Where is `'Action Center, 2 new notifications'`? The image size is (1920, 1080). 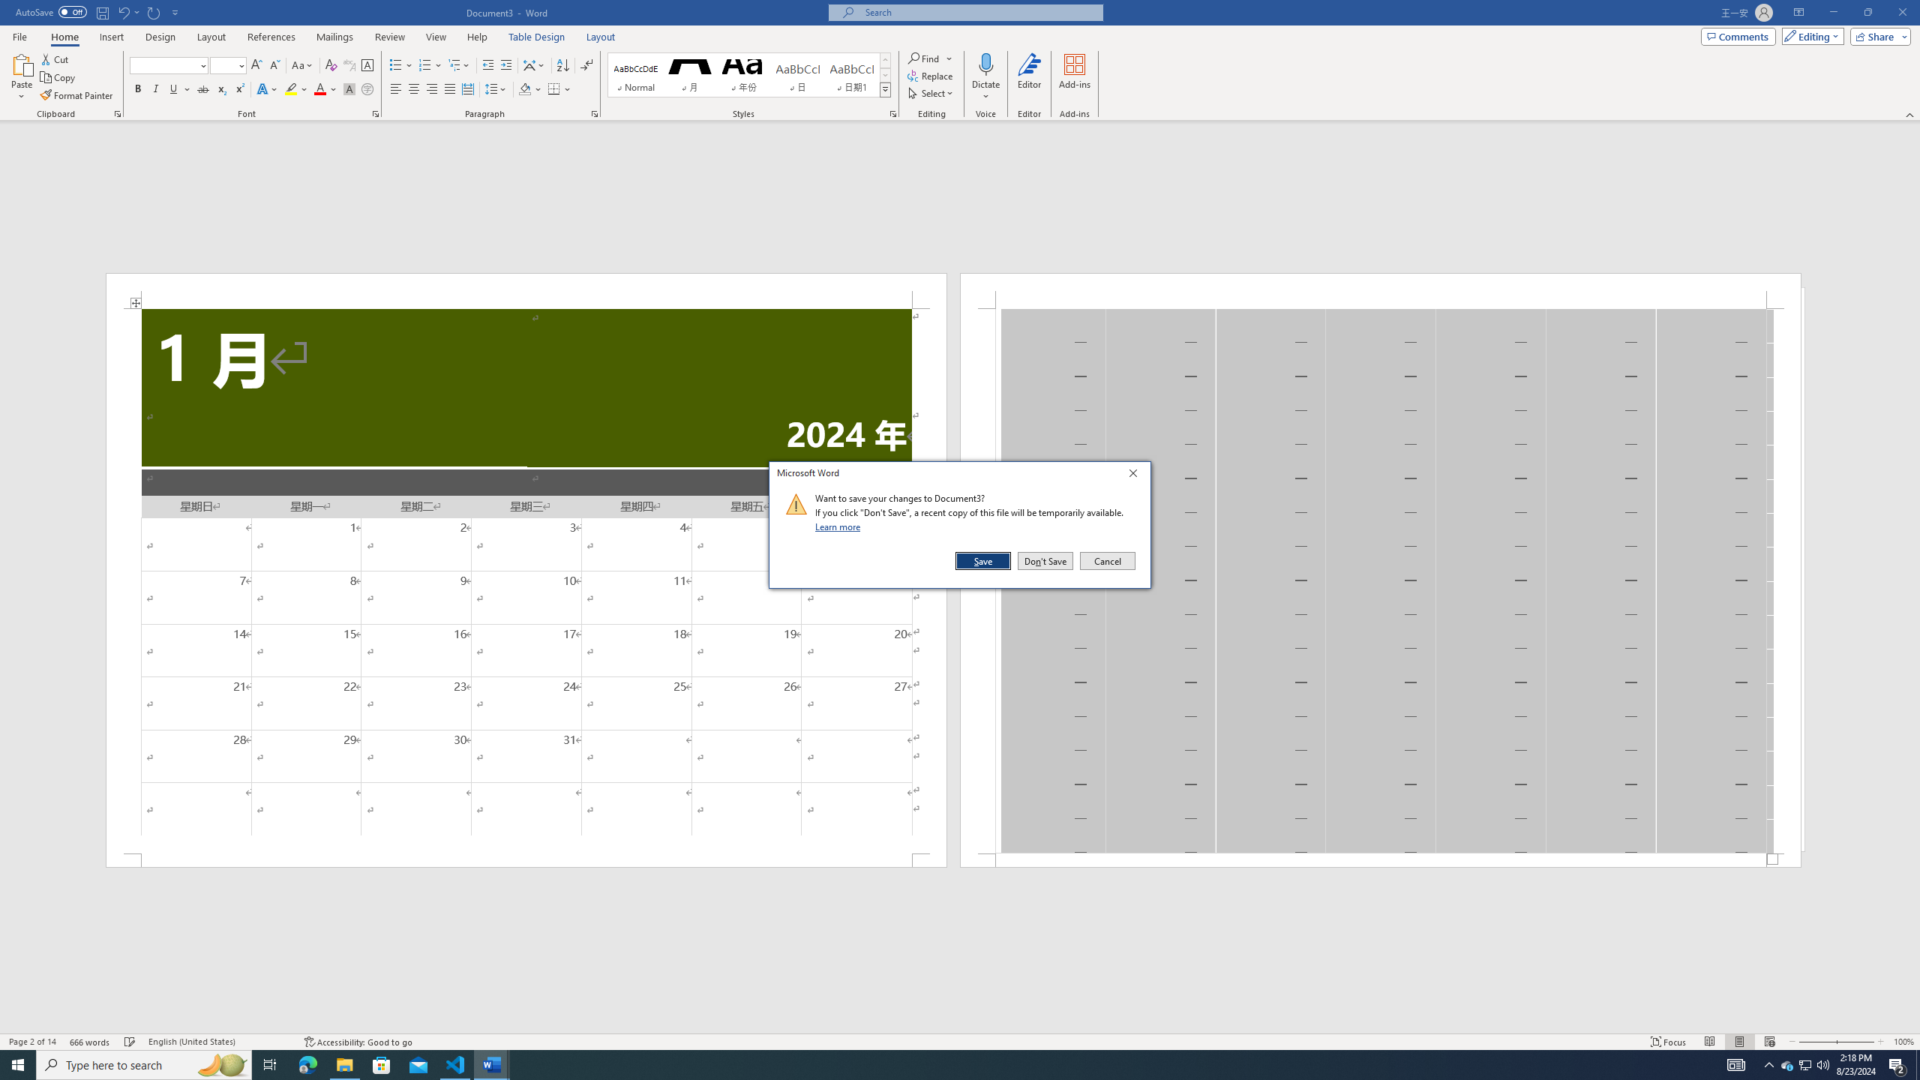
'Action Center, 2 new notifications' is located at coordinates (1897, 1063).